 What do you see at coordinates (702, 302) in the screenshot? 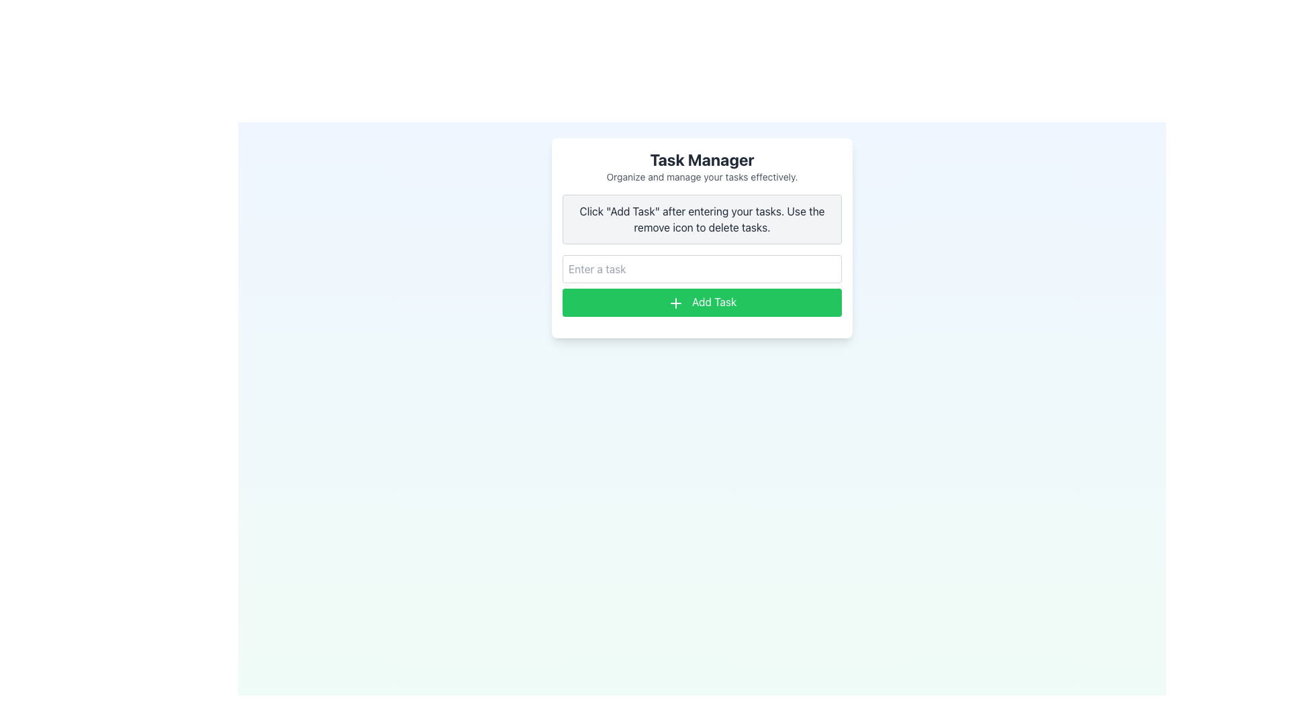
I see `the 'Add Task' button, which has a green background and white text with a plus symbol, located below the 'Enter a task' text input field` at bounding box center [702, 302].